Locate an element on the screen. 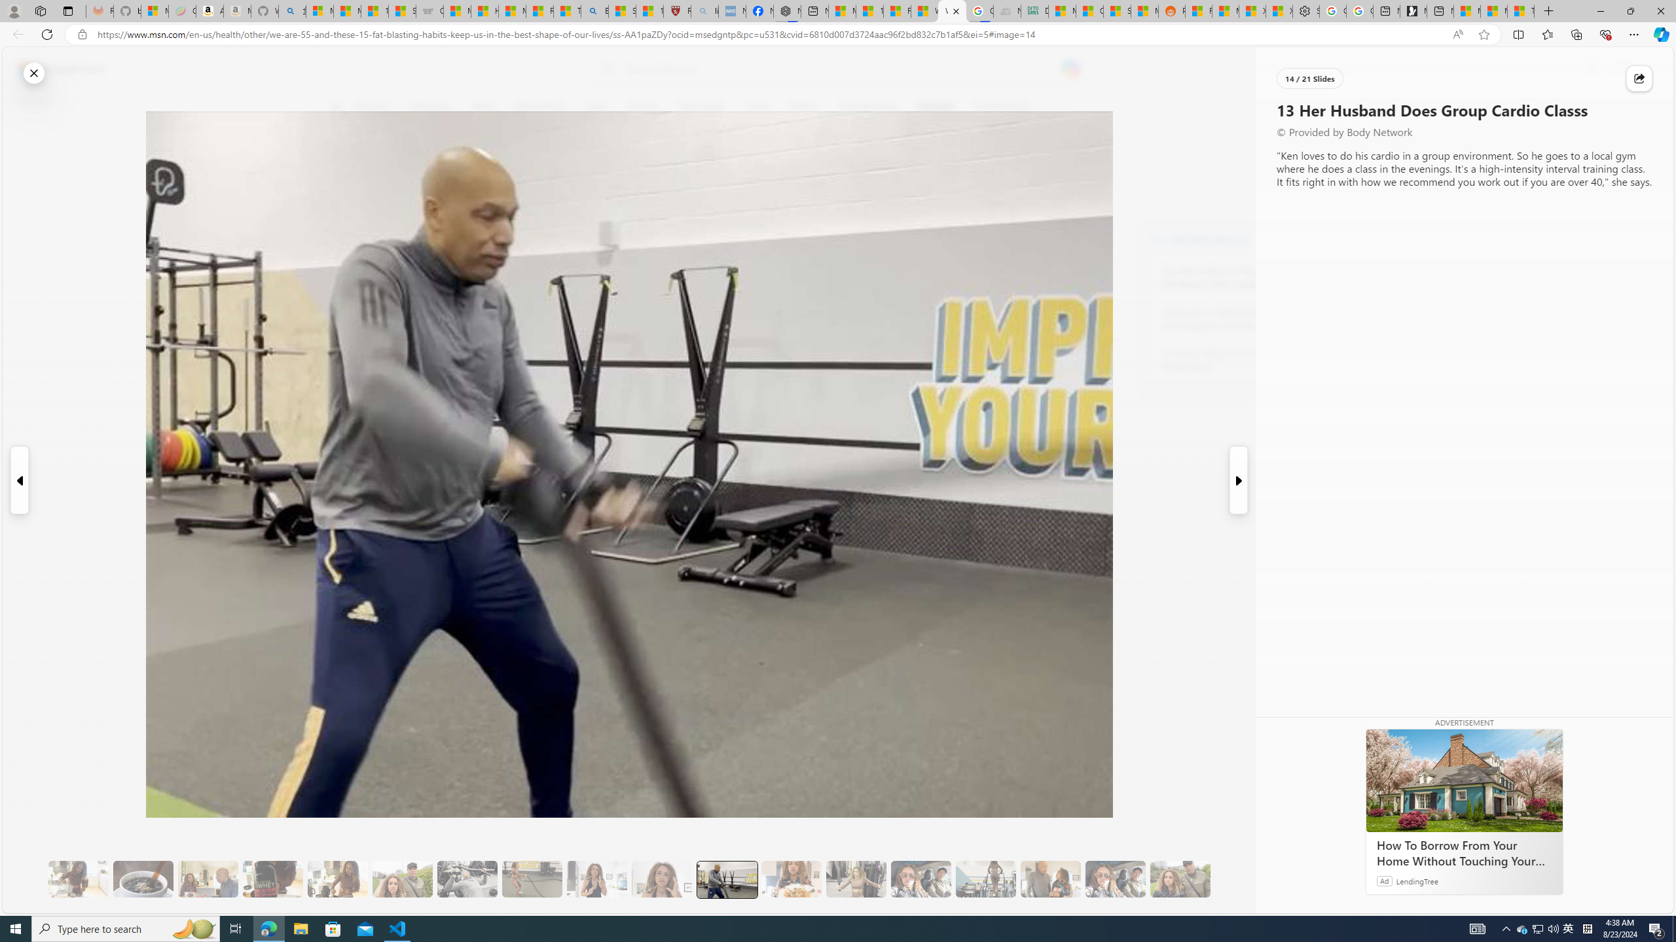  'Combat Siege' is located at coordinates (429, 10).